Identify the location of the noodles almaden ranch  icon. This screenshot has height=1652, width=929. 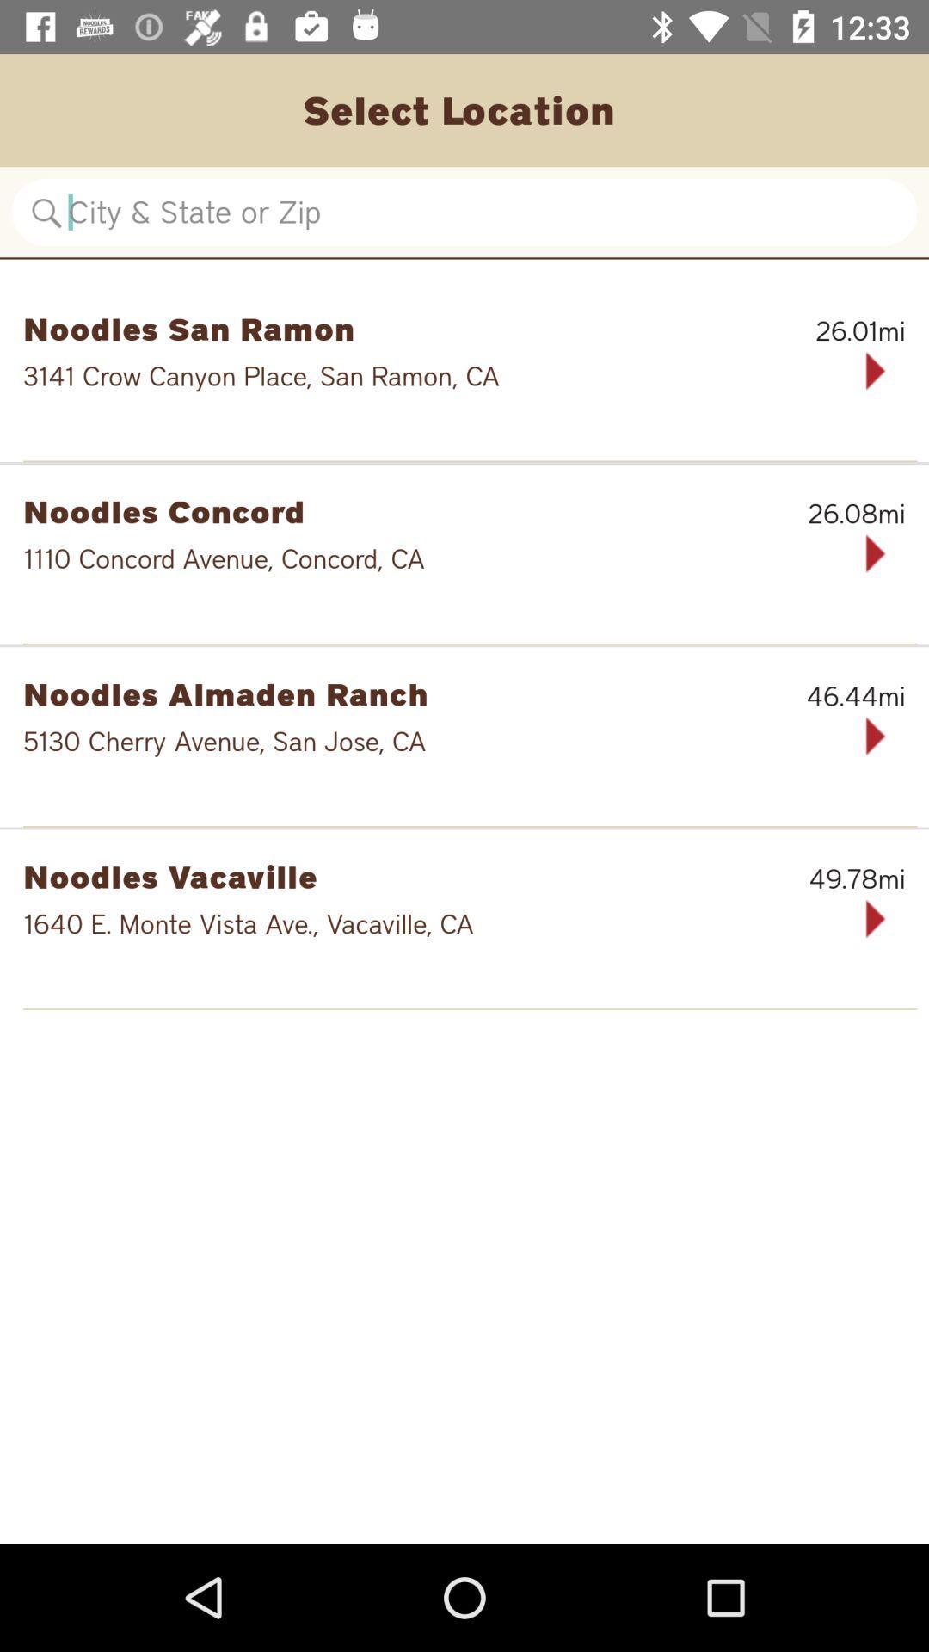
(375, 693).